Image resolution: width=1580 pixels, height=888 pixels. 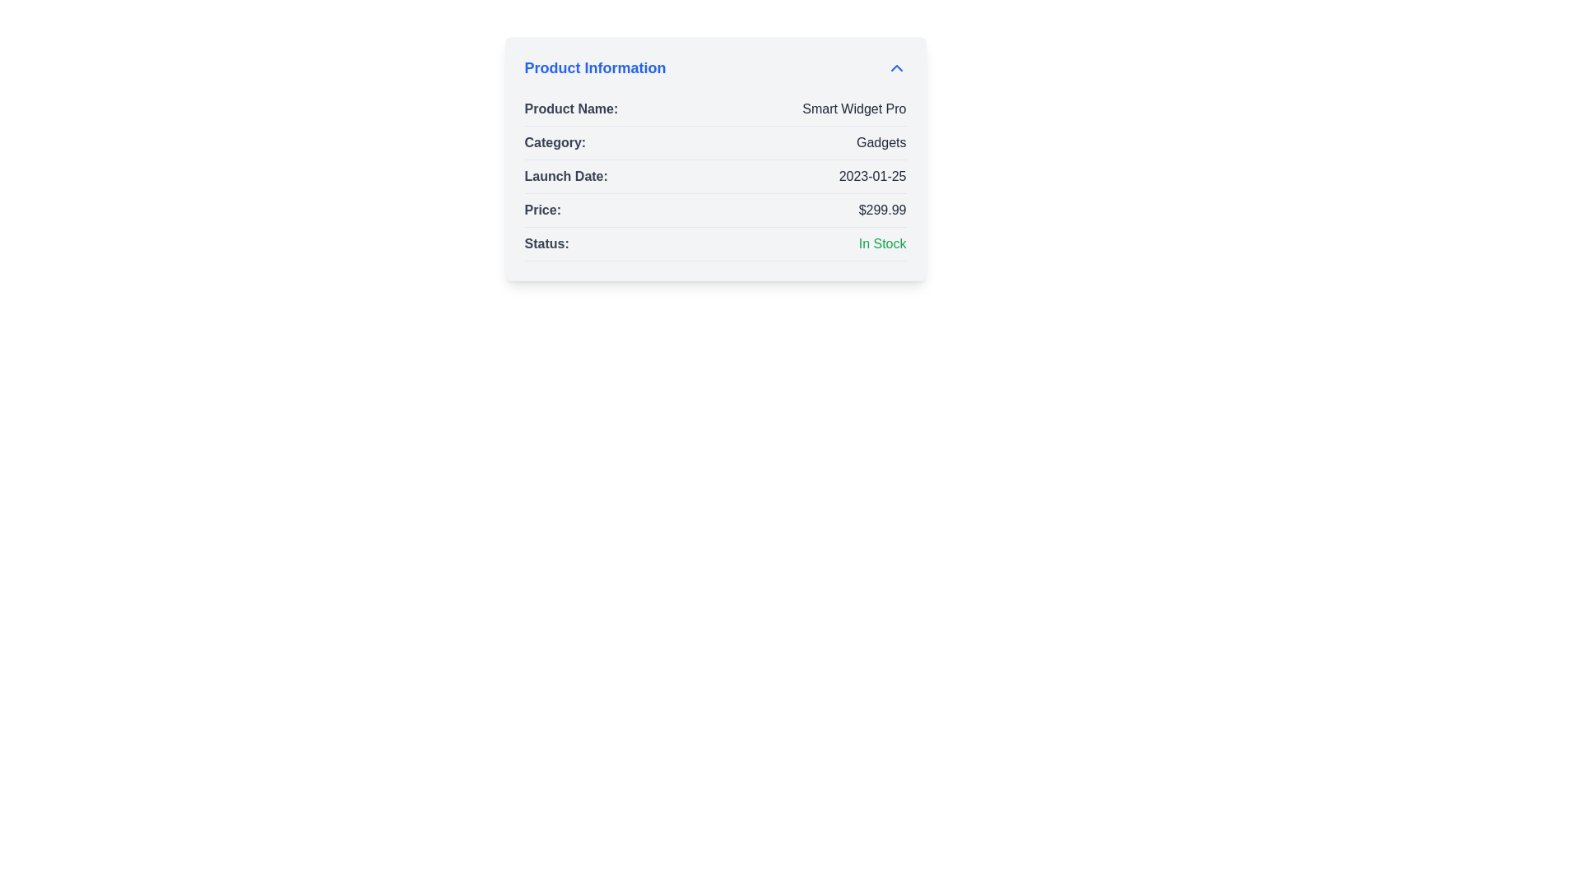 What do you see at coordinates (895, 67) in the screenshot?
I see `the chevron icon in the header of the 'Product Information' section` at bounding box center [895, 67].